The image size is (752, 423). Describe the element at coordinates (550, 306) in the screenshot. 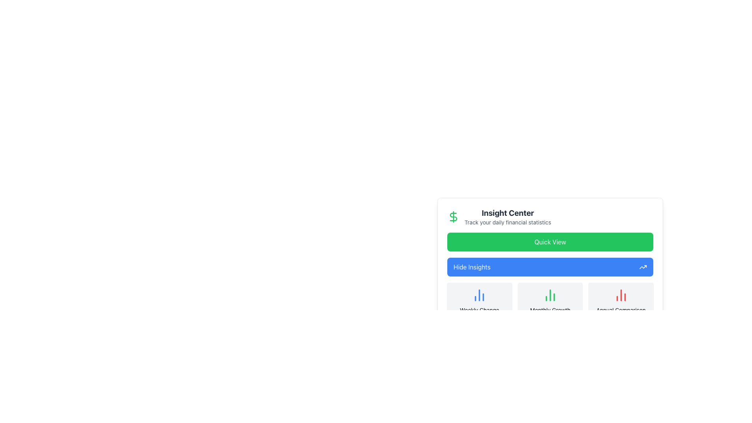

I see `financial data displayed in the central box of the Data Display Card, which shows 'Monthly Growth' with a highlighted green bar chart` at that location.